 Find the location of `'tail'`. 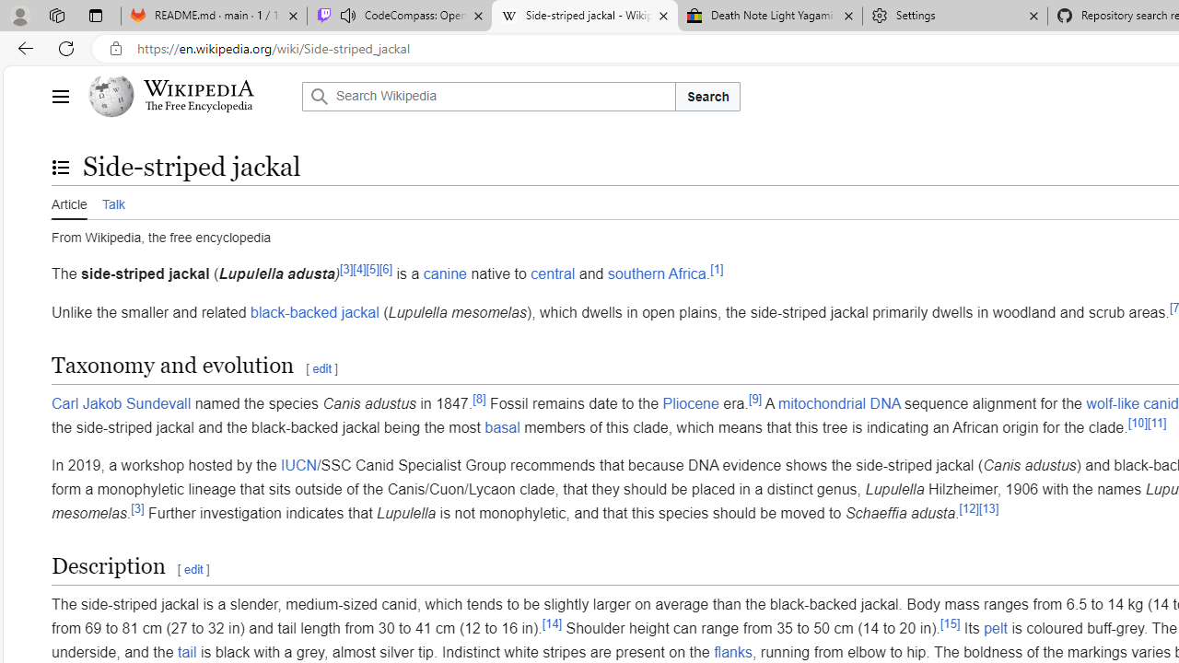

'tail' is located at coordinates (187, 651).